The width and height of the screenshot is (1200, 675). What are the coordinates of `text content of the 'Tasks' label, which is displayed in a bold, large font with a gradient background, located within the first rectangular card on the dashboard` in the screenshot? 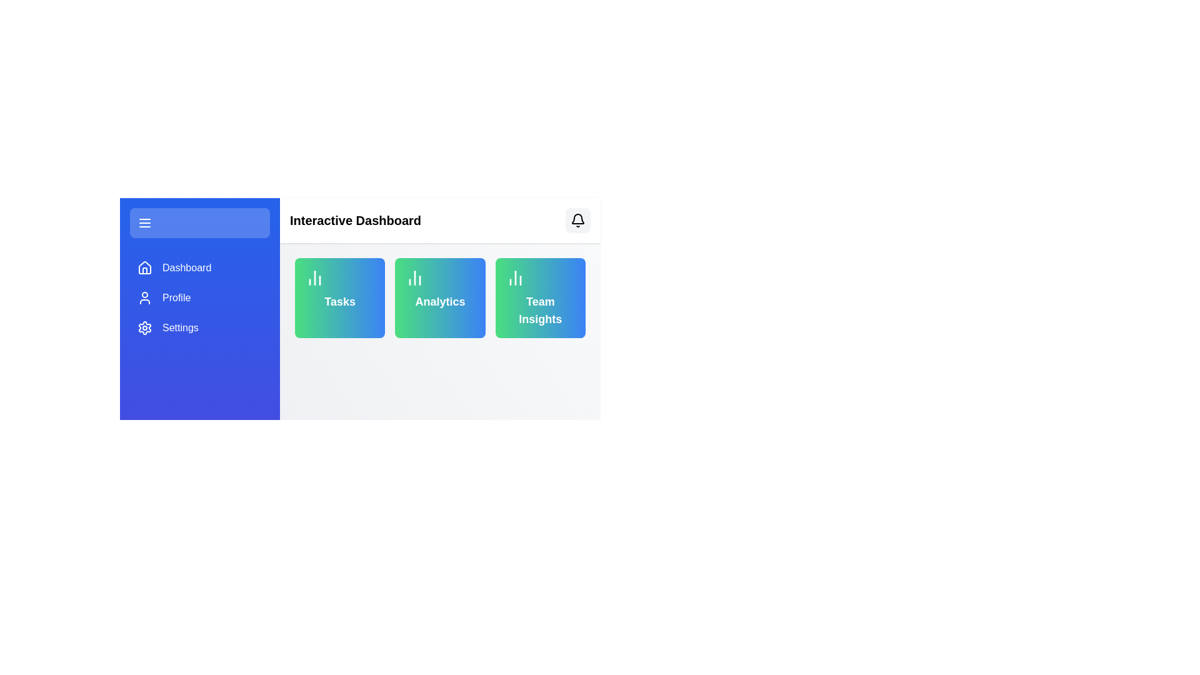 It's located at (340, 301).